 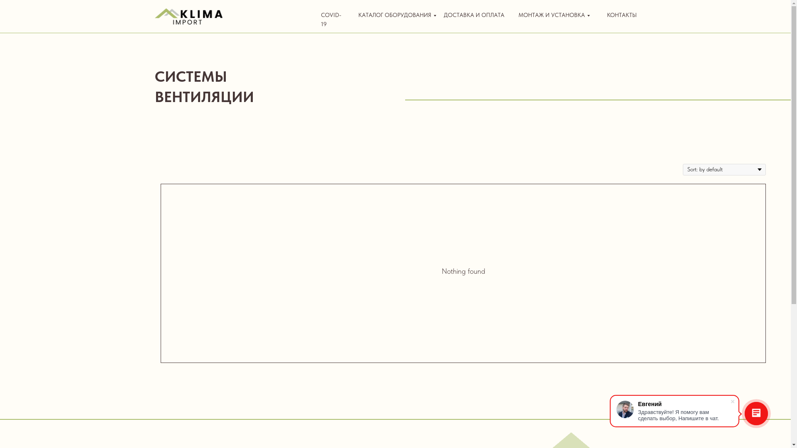 I want to click on 'COVID-19', so click(x=330, y=19).